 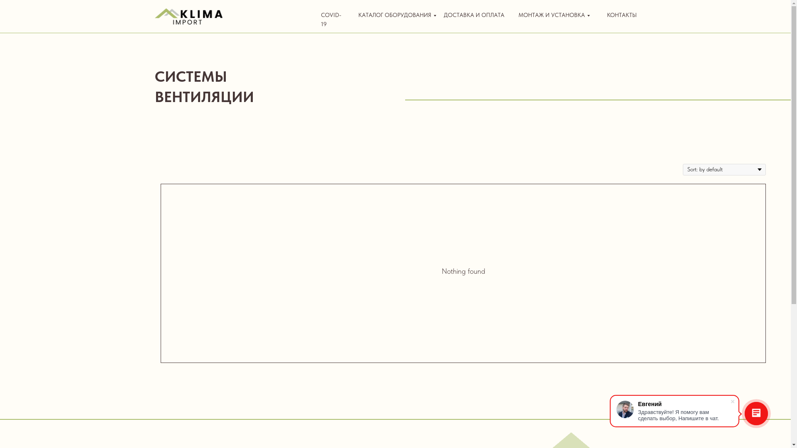 I want to click on 'COVID-19', so click(x=330, y=19).